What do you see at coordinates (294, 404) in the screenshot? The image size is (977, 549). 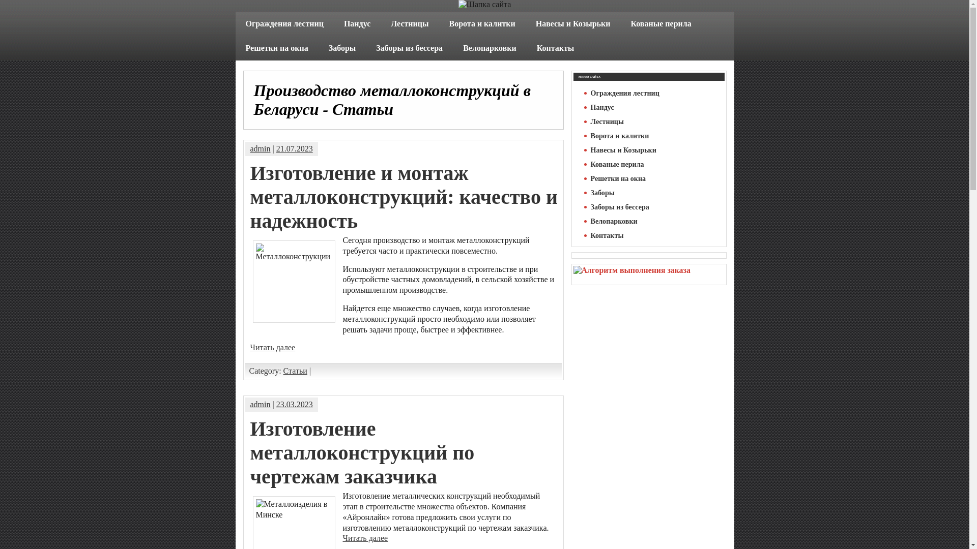 I see `'23.03.2023'` at bounding box center [294, 404].